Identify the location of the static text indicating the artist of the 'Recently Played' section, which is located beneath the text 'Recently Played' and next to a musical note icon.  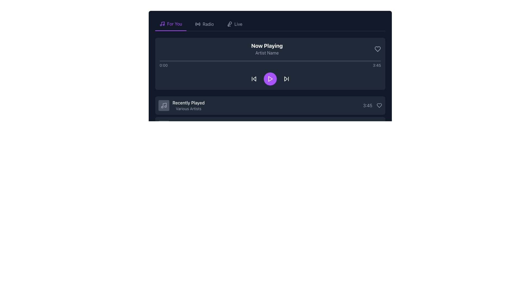
(189, 109).